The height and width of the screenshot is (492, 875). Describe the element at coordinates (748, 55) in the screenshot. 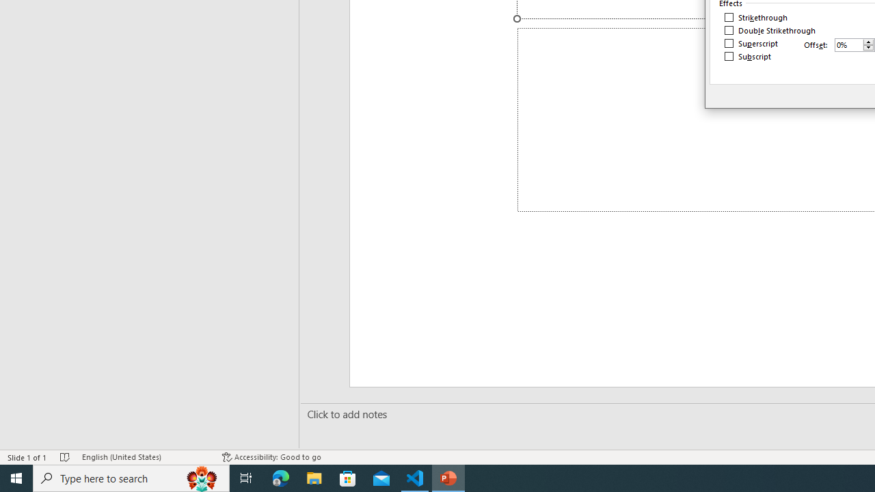

I see `'Subscript'` at that location.